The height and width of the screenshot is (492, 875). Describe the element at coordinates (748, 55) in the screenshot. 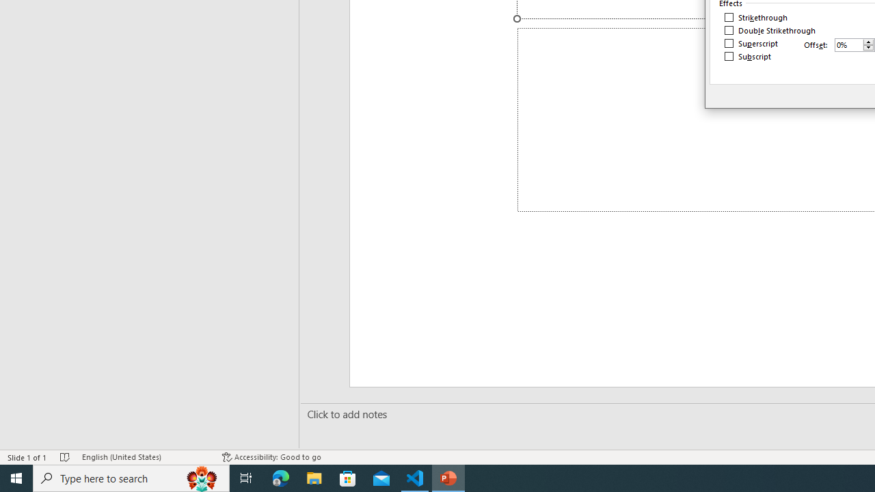

I see `'Subscript'` at that location.